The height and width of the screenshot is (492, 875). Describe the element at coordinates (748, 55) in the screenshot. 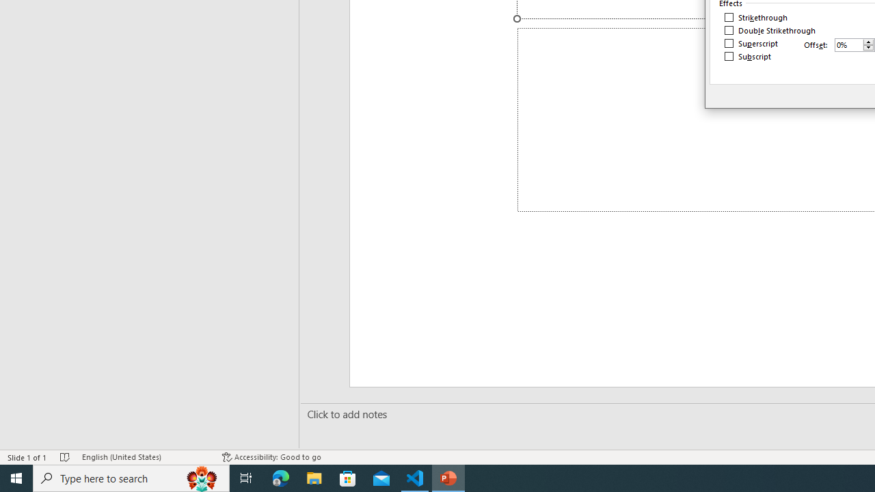

I see `'Subscript'` at that location.